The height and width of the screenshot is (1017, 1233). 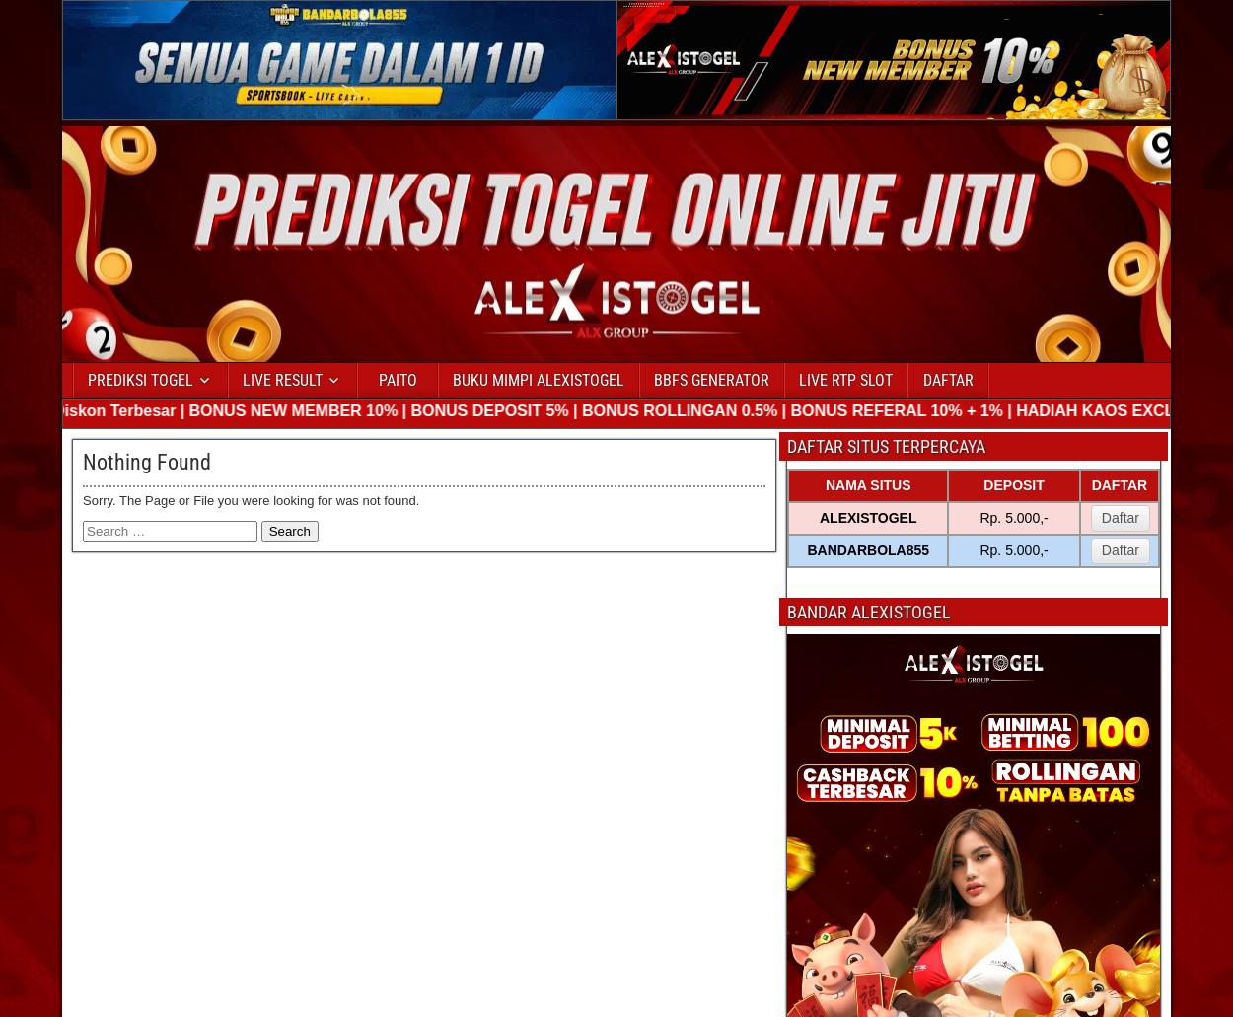 What do you see at coordinates (869, 611) in the screenshot?
I see `'BANDAR ALEXISTOGEL'` at bounding box center [869, 611].